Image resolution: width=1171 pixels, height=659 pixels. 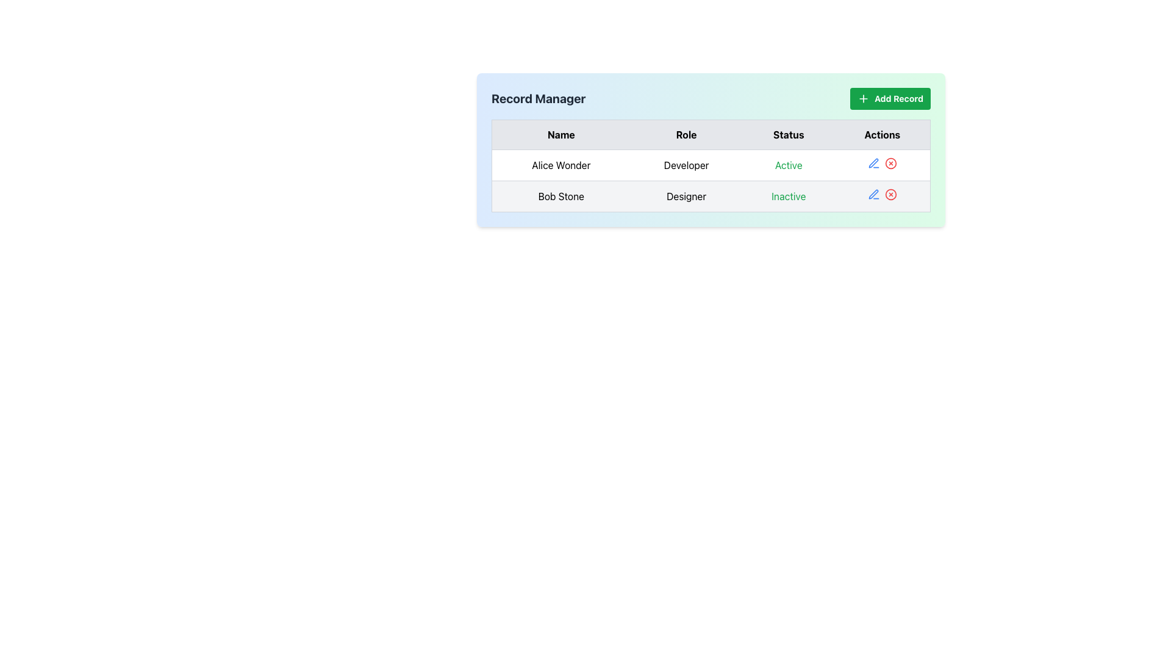 What do you see at coordinates (863, 98) in the screenshot?
I see `the small plus icon within the green rounded 'Add Record' button located in the top-right corner of the interface` at bounding box center [863, 98].